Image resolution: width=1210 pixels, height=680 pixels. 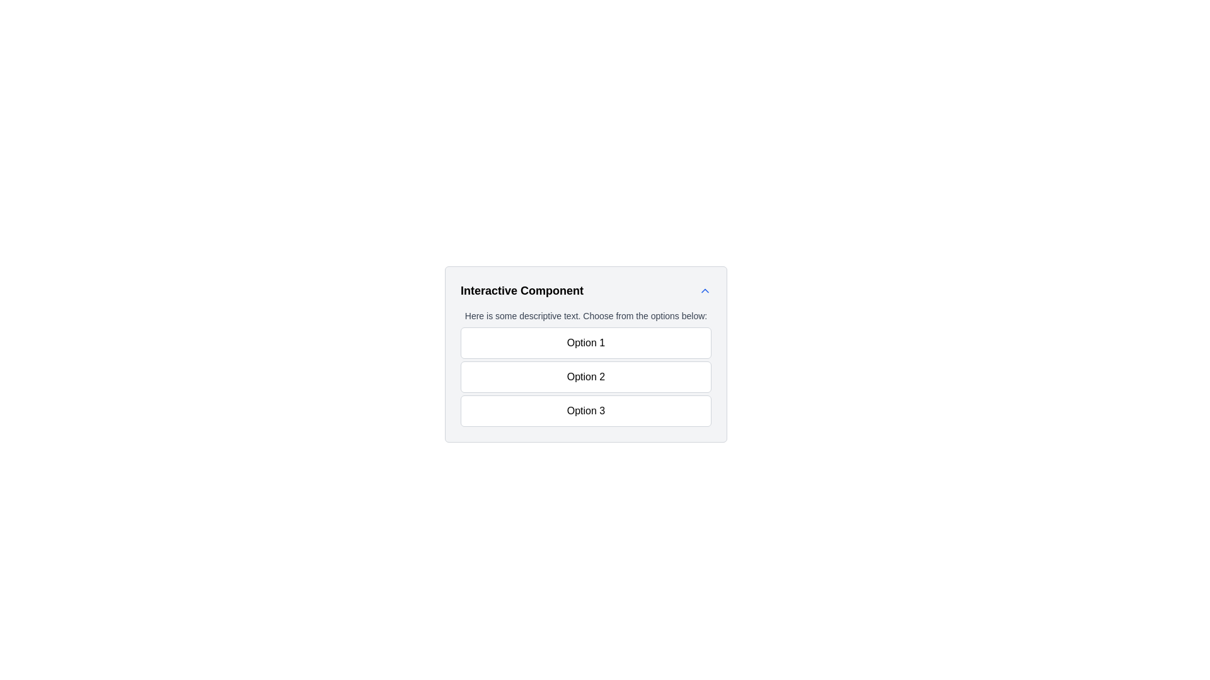 I want to click on the small upward-facing arrow icon with a blue outline located at the top right corner of its enclosing box, so click(x=704, y=291).